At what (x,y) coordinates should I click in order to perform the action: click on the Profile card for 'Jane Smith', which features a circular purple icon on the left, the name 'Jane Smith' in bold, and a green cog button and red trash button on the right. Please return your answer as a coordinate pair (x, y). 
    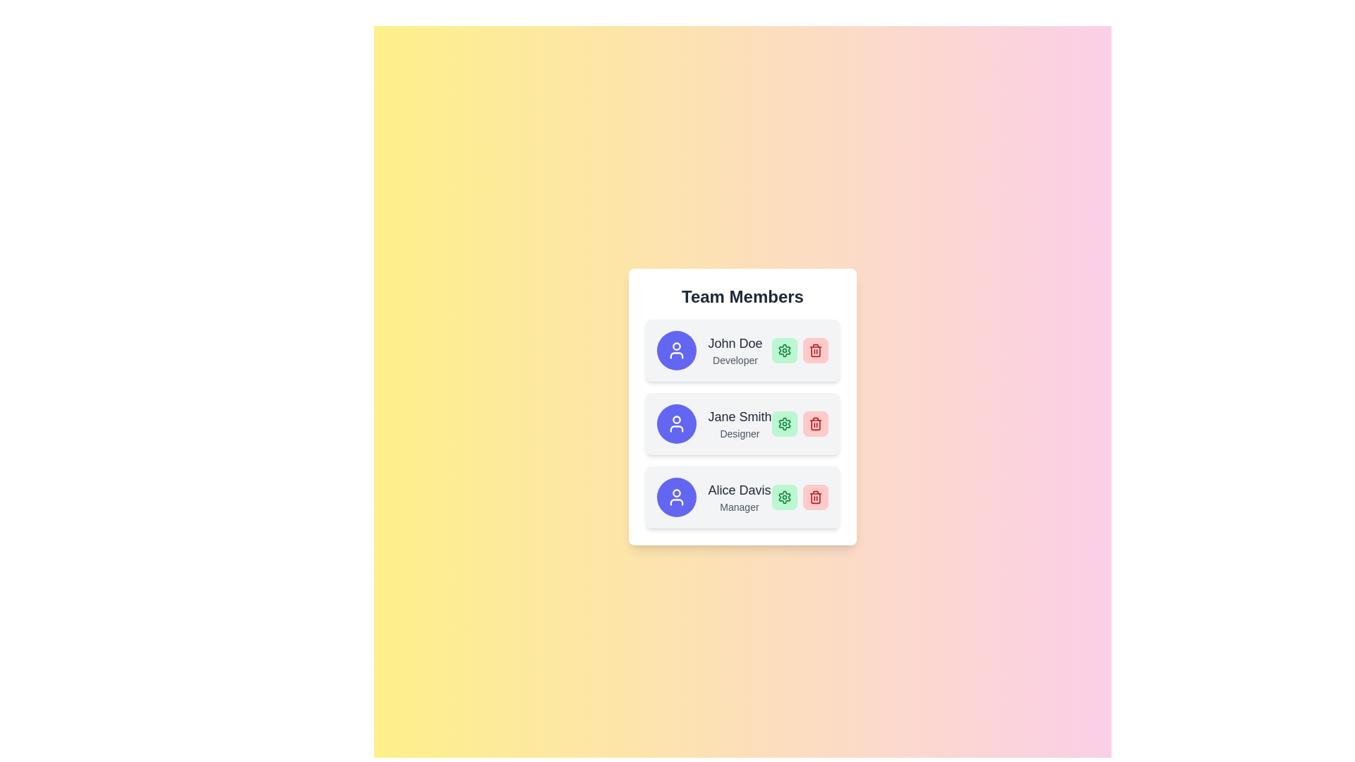
    Looking at the image, I should click on (742, 423).